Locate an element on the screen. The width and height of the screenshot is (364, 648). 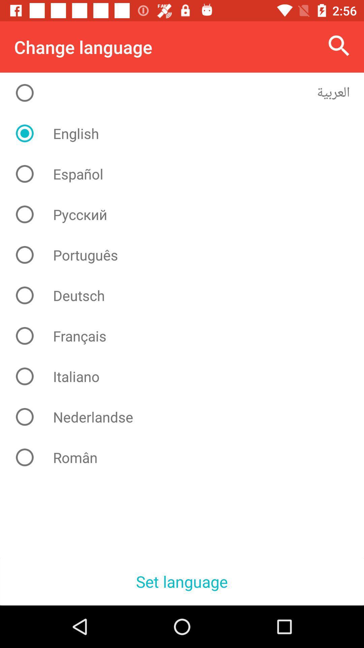
the english is located at coordinates (187, 133).